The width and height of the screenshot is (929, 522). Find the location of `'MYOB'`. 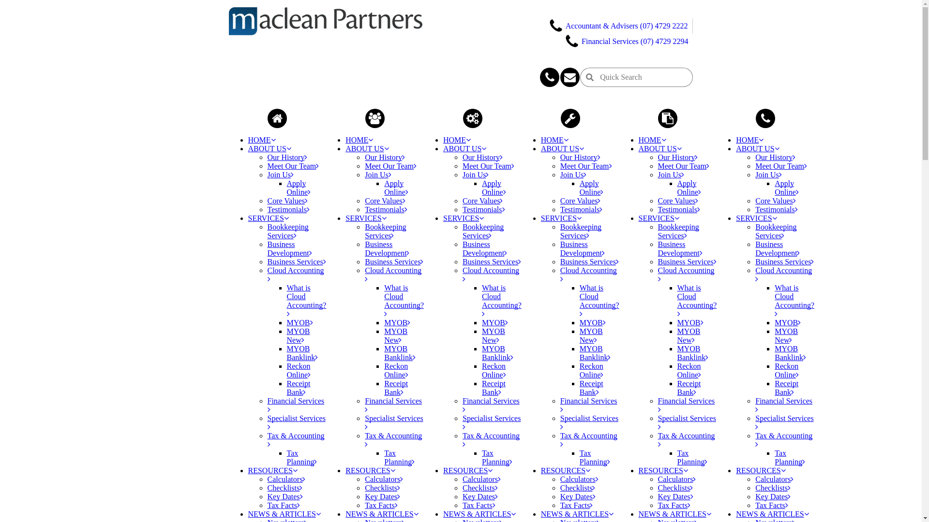

'MYOB' is located at coordinates (677, 322).